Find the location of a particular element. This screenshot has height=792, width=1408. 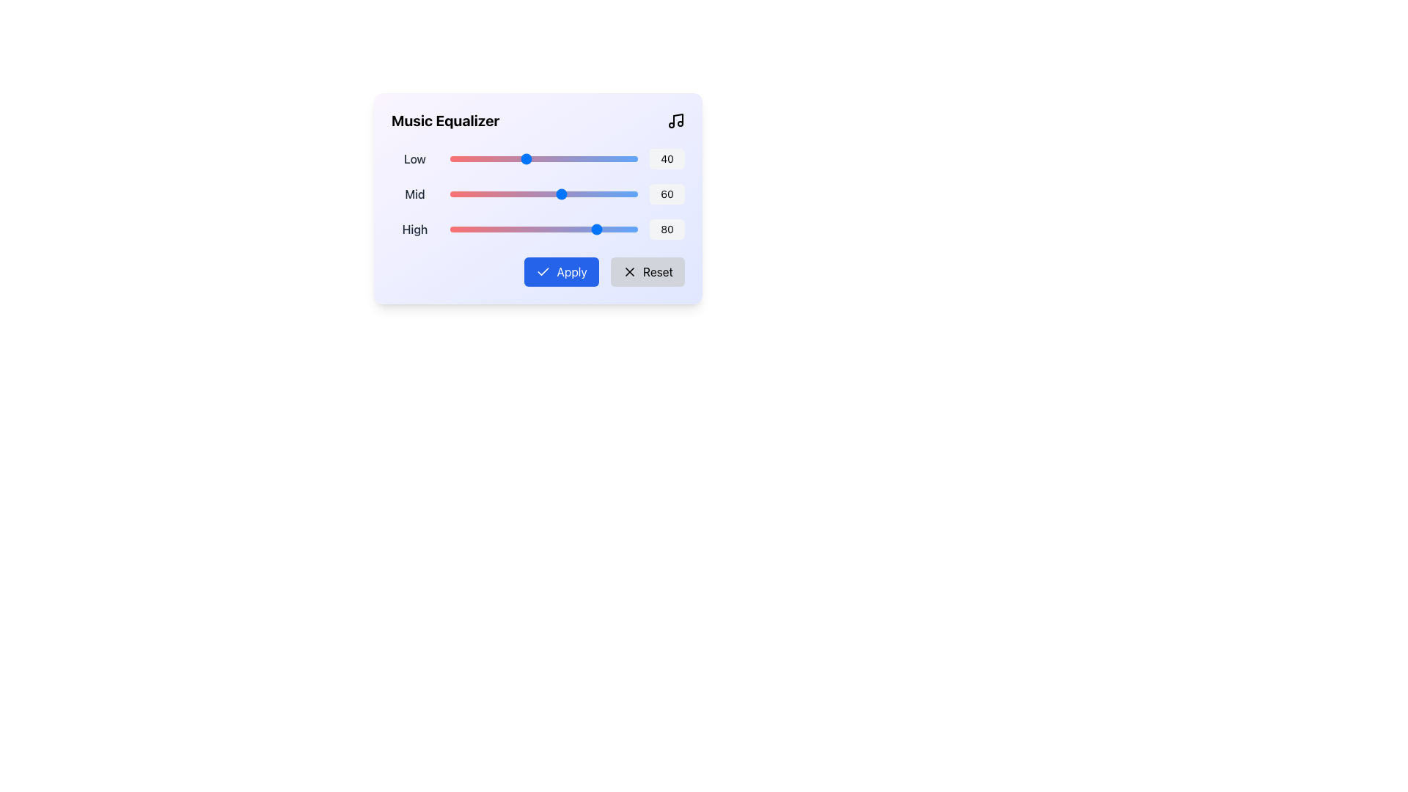

the Low frequency equalizer value is located at coordinates (577, 158).